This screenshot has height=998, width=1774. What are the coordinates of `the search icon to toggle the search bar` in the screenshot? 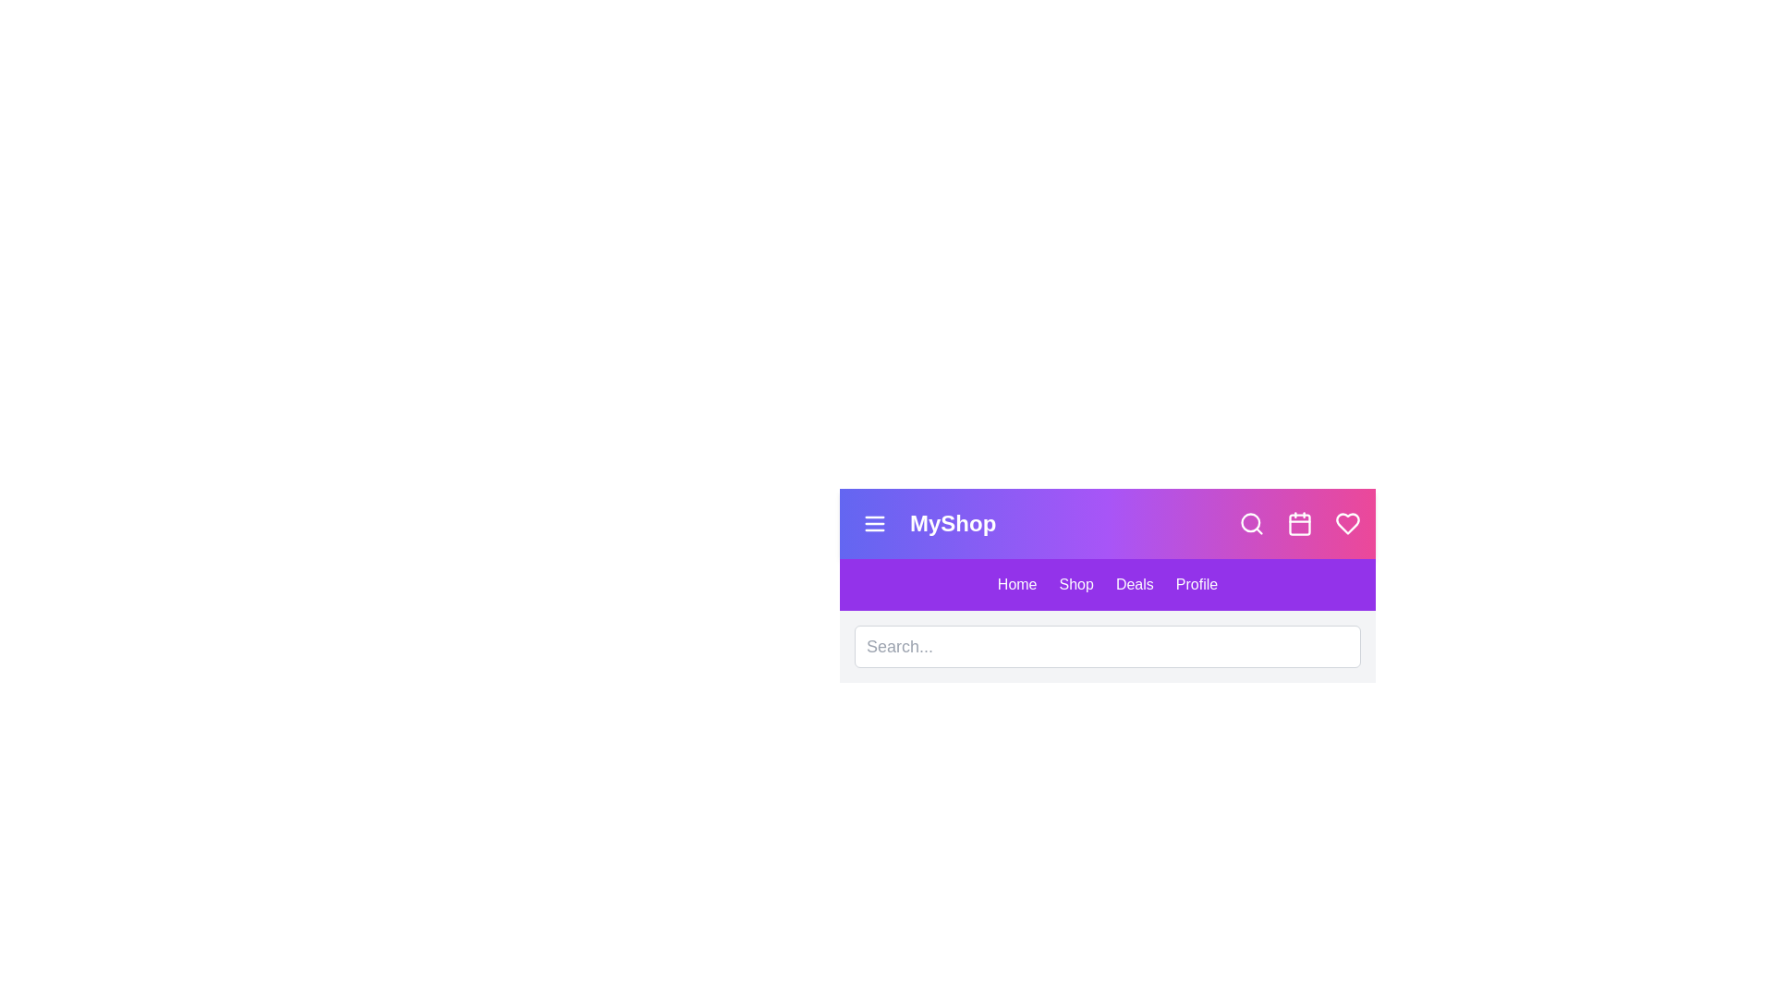 It's located at (1251, 524).